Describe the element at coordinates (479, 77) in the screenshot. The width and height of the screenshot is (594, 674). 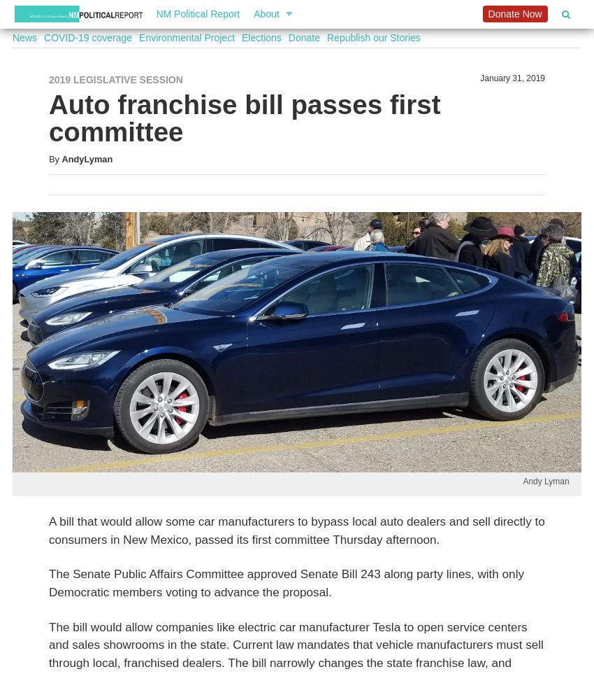
I see `'January 31, 2019'` at that location.